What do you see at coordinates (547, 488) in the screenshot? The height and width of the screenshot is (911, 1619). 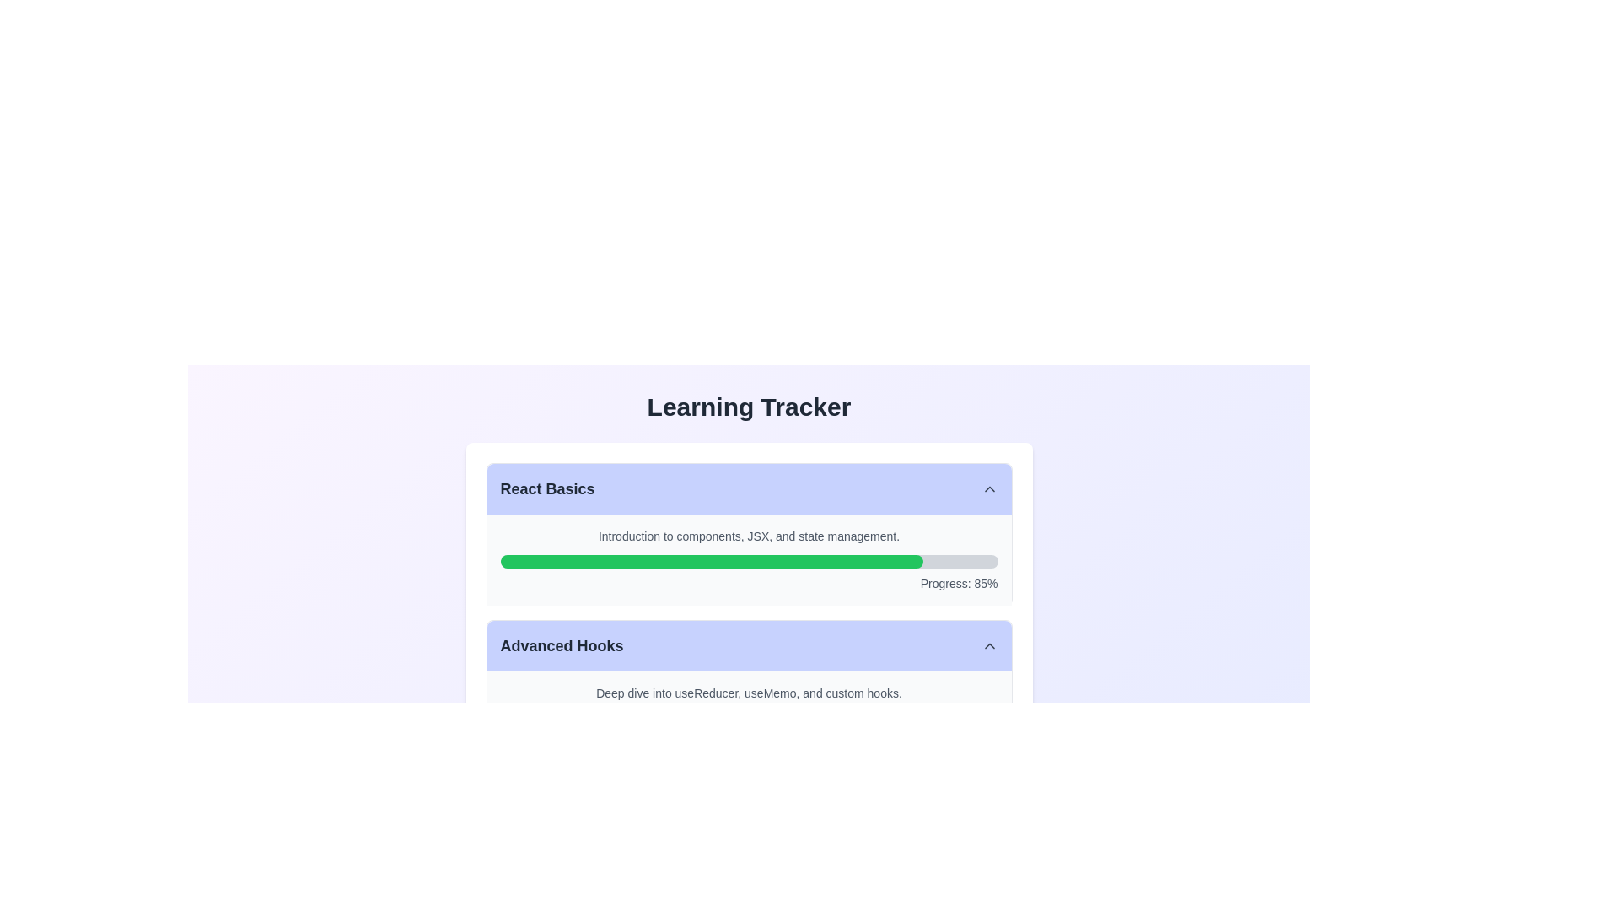 I see `the Text Label located at the top-left side of the collapsible module's header` at bounding box center [547, 488].